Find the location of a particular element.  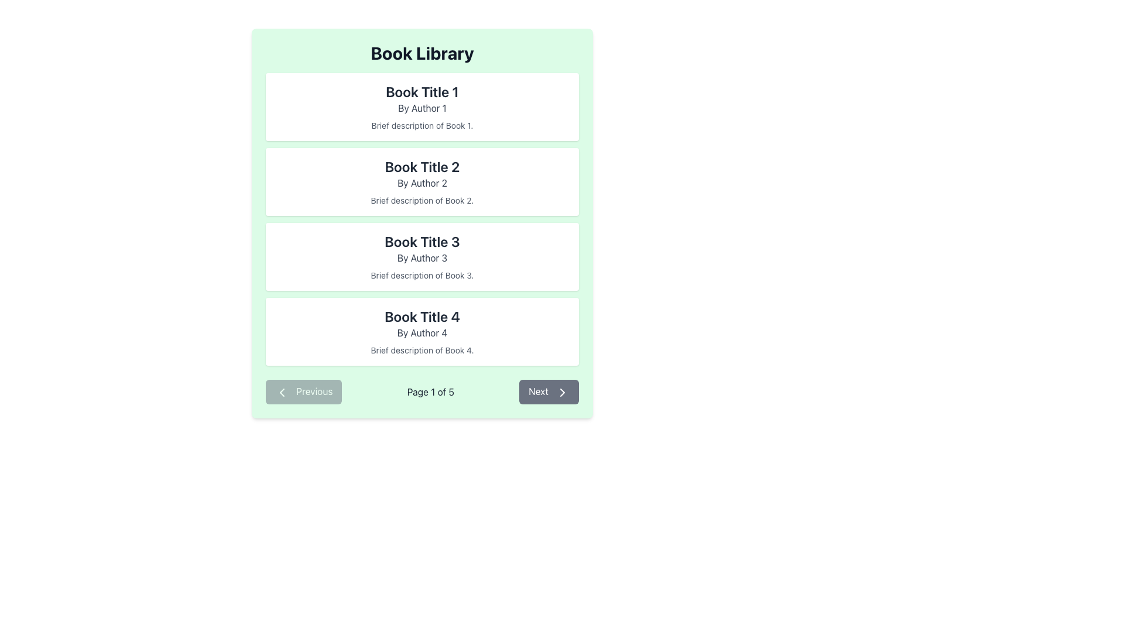

'Next' button icon located at the far-right edge, which serves as a visual indicator for navigation is located at coordinates (562, 392).